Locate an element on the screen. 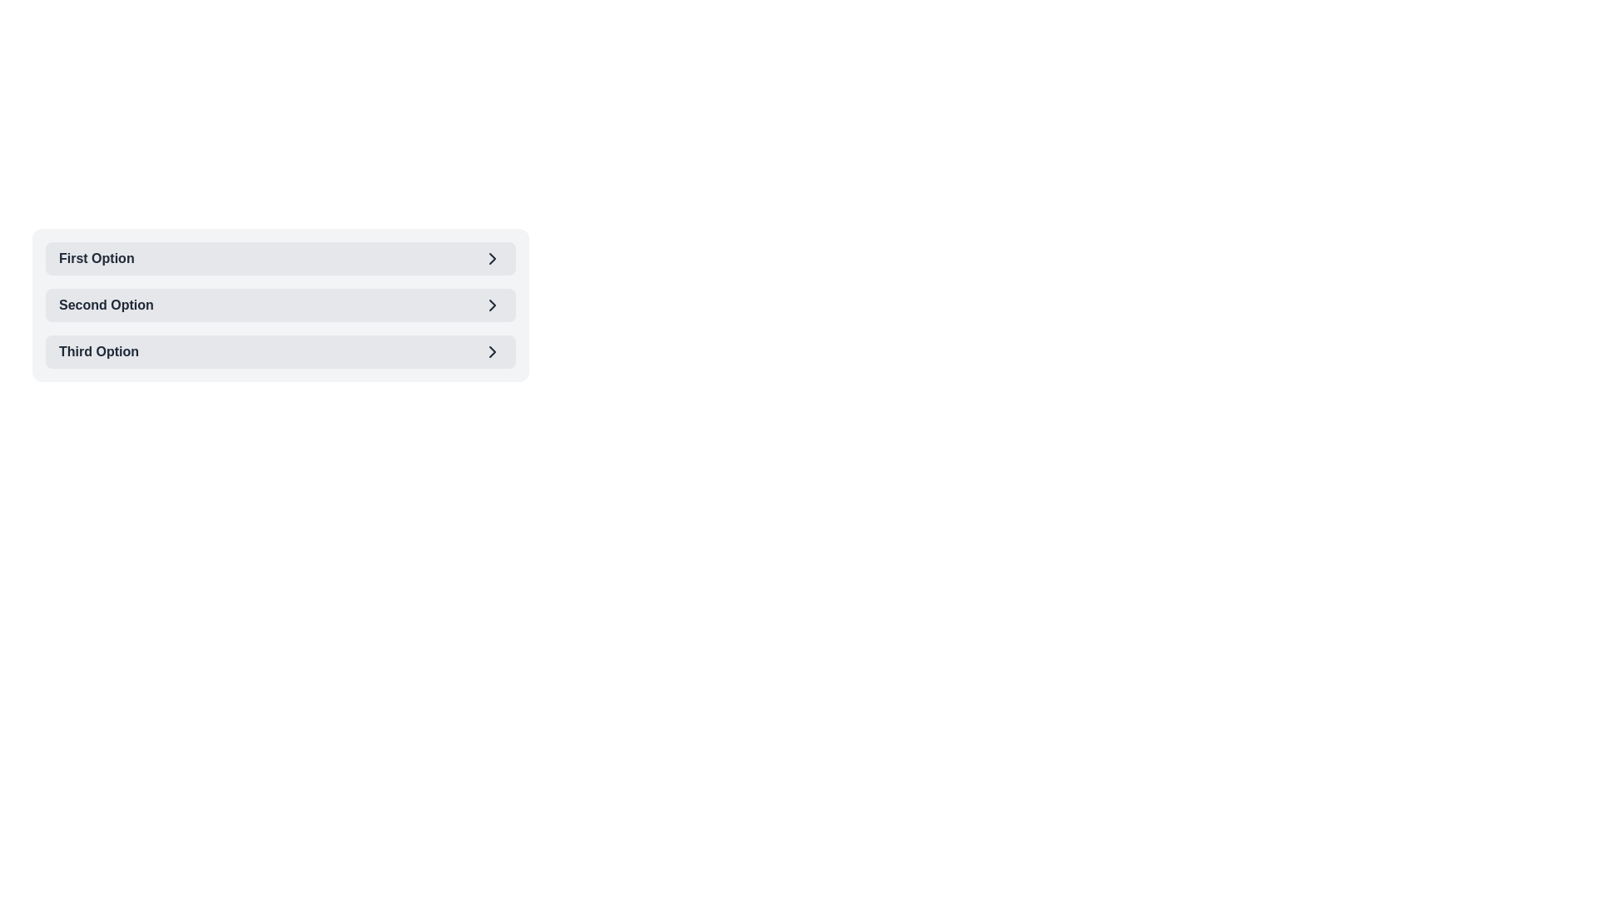 This screenshot has width=1598, height=899. the chevron icon located on the far-right side of the 'First Option' menu item is located at coordinates (491, 259).